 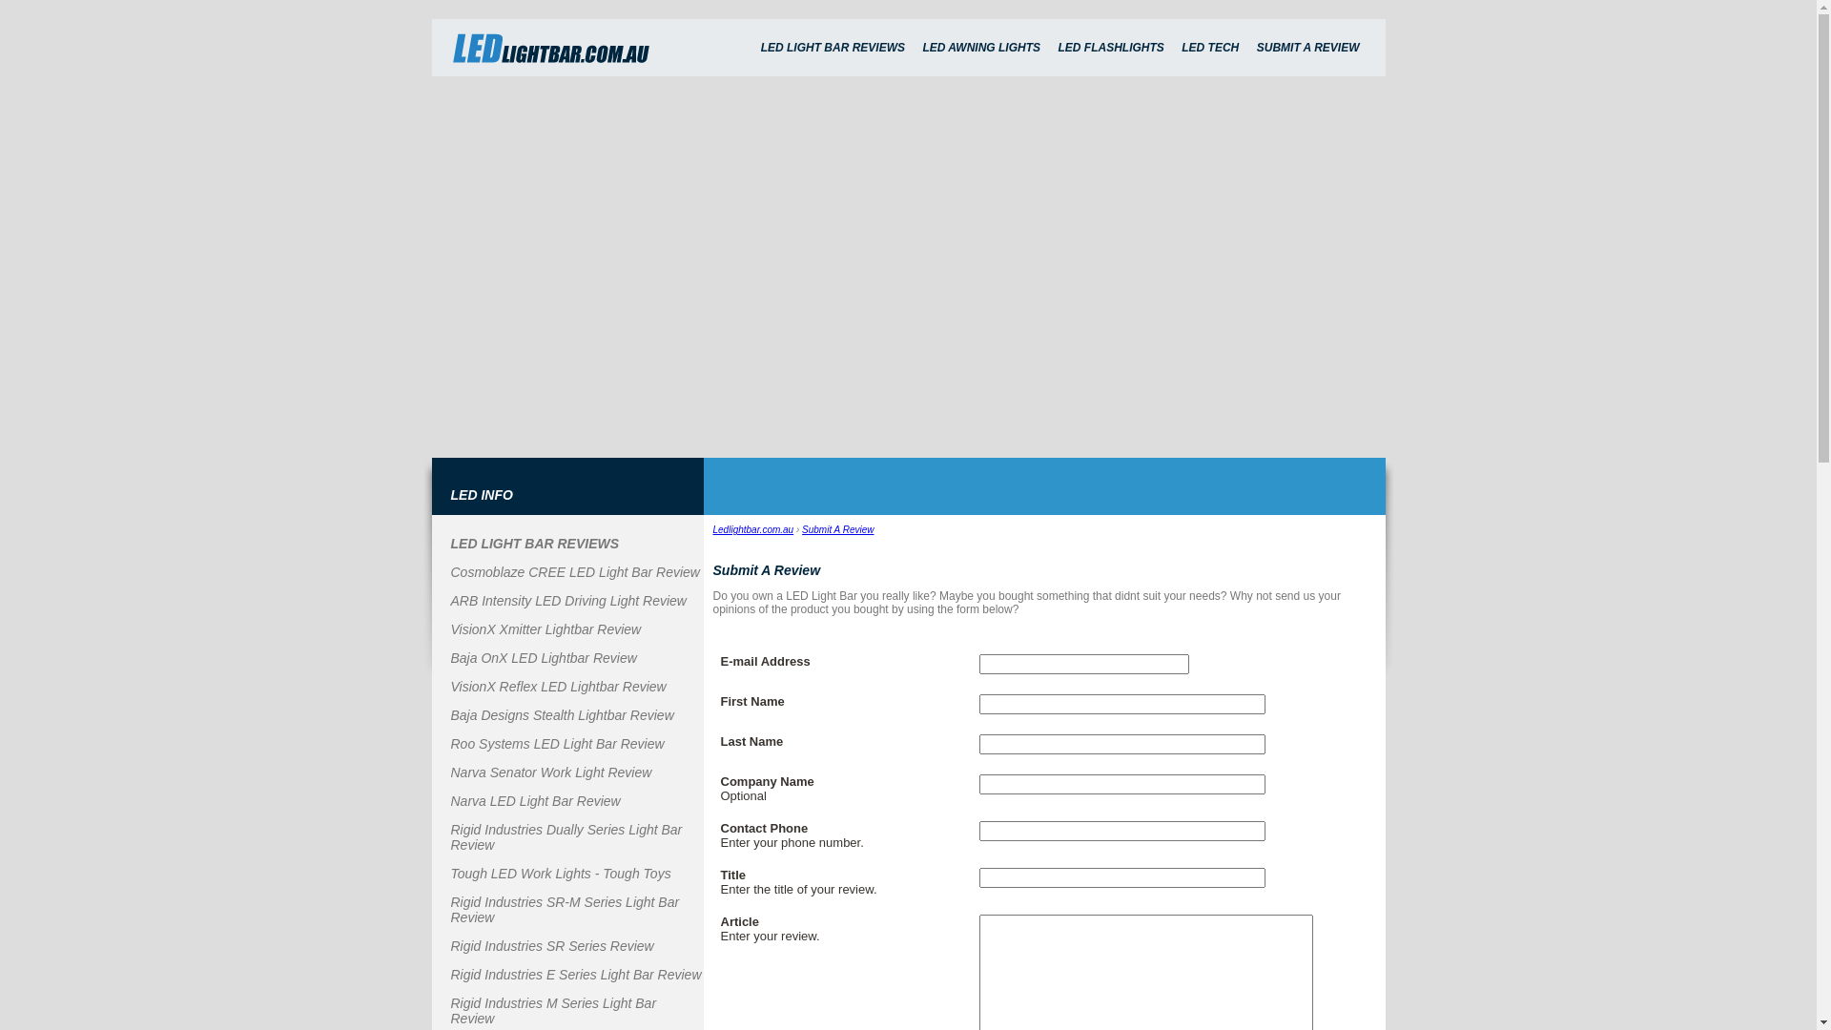 I want to click on 'Rigid Industries SR-M Series Light Bar Review', so click(x=448, y=908).